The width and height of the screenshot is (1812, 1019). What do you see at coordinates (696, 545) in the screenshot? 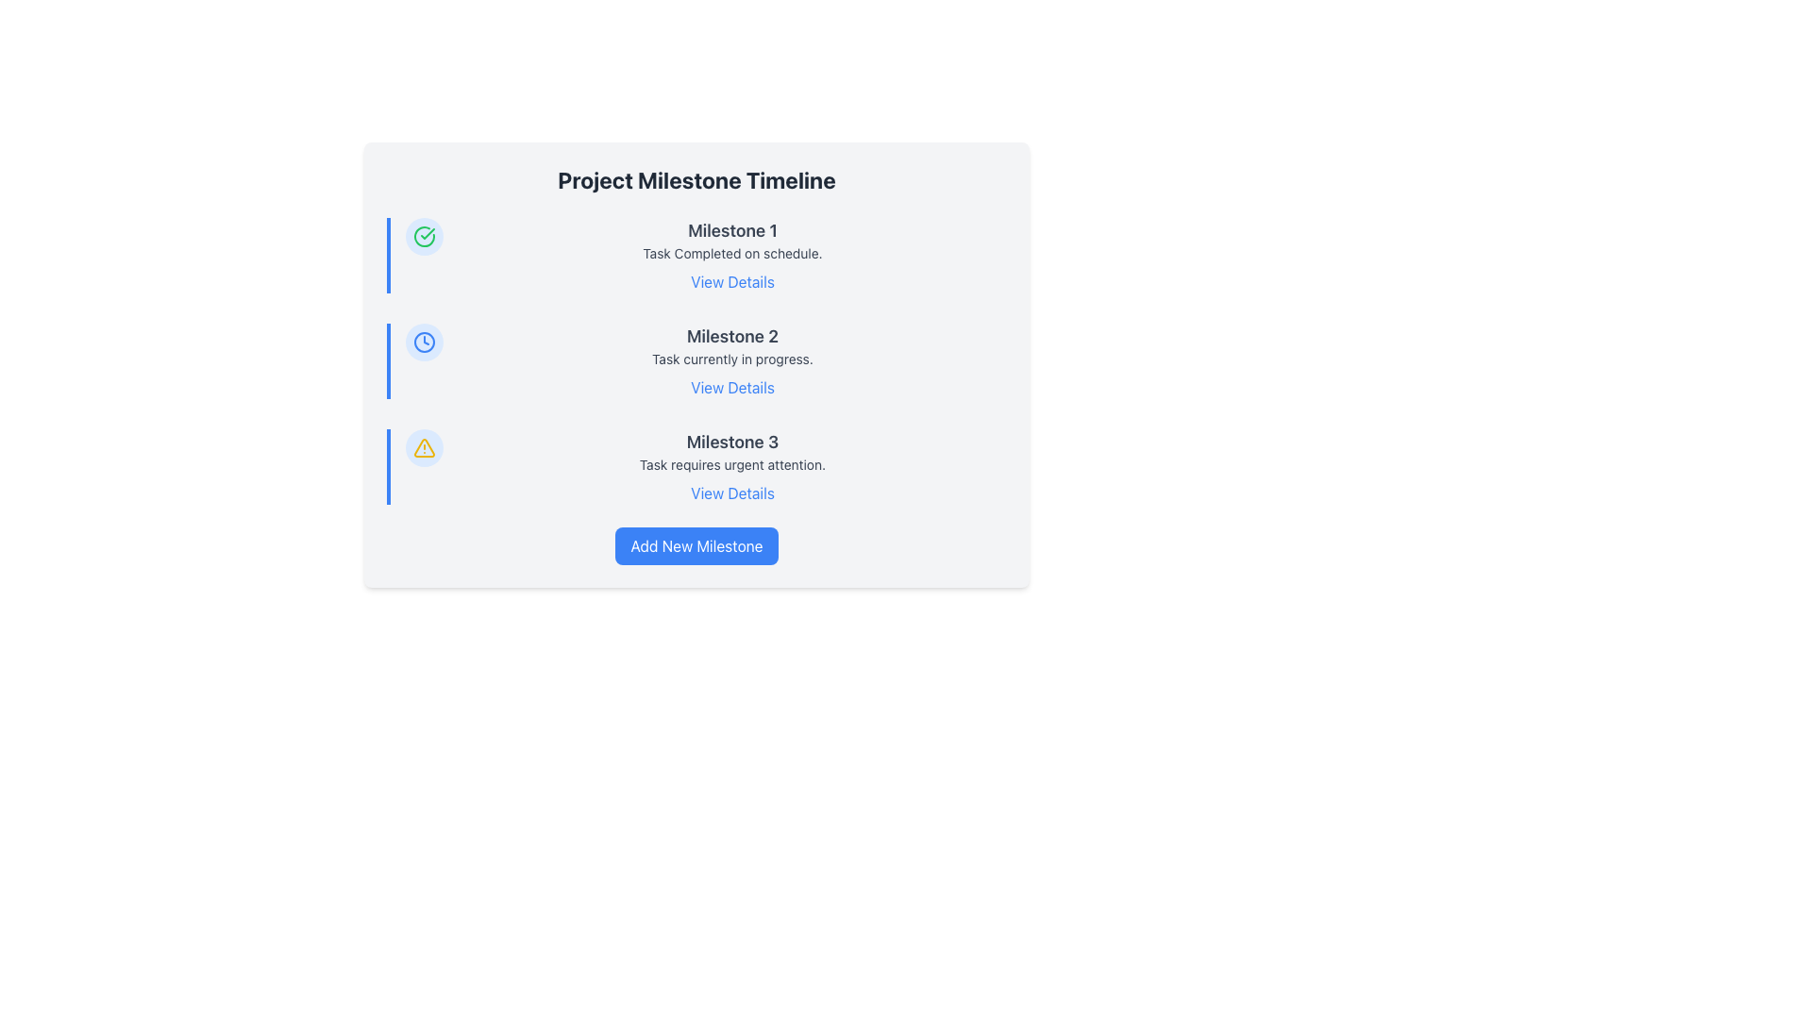
I see `the rectangular button with a blue background and white text that reads 'Add New Milestone' located at the bottom center of the 'Project Milestone Timeline' card to change its background shade` at bounding box center [696, 545].